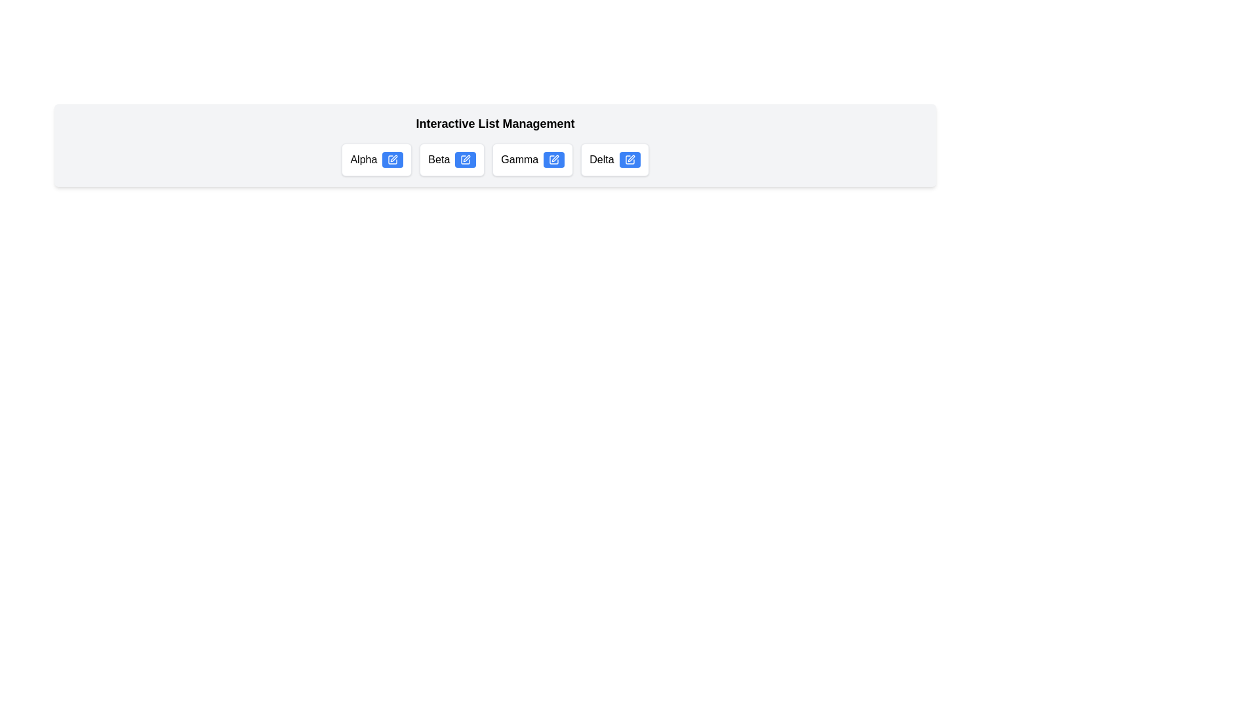  I want to click on the action button used for editing or modifying data associated with the label 'Beta', which is the second button in the list of interactive buttons, so click(466, 159).